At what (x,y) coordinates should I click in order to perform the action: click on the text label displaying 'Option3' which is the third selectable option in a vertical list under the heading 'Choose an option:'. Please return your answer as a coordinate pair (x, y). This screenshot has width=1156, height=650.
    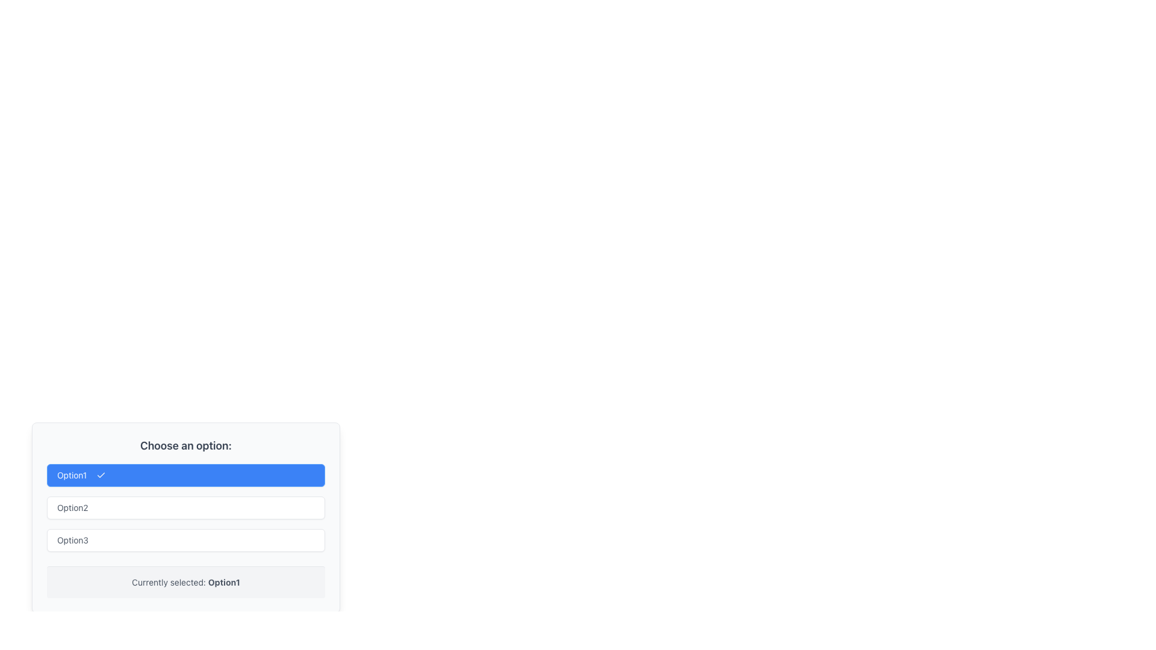
    Looking at the image, I should click on (72, 540).